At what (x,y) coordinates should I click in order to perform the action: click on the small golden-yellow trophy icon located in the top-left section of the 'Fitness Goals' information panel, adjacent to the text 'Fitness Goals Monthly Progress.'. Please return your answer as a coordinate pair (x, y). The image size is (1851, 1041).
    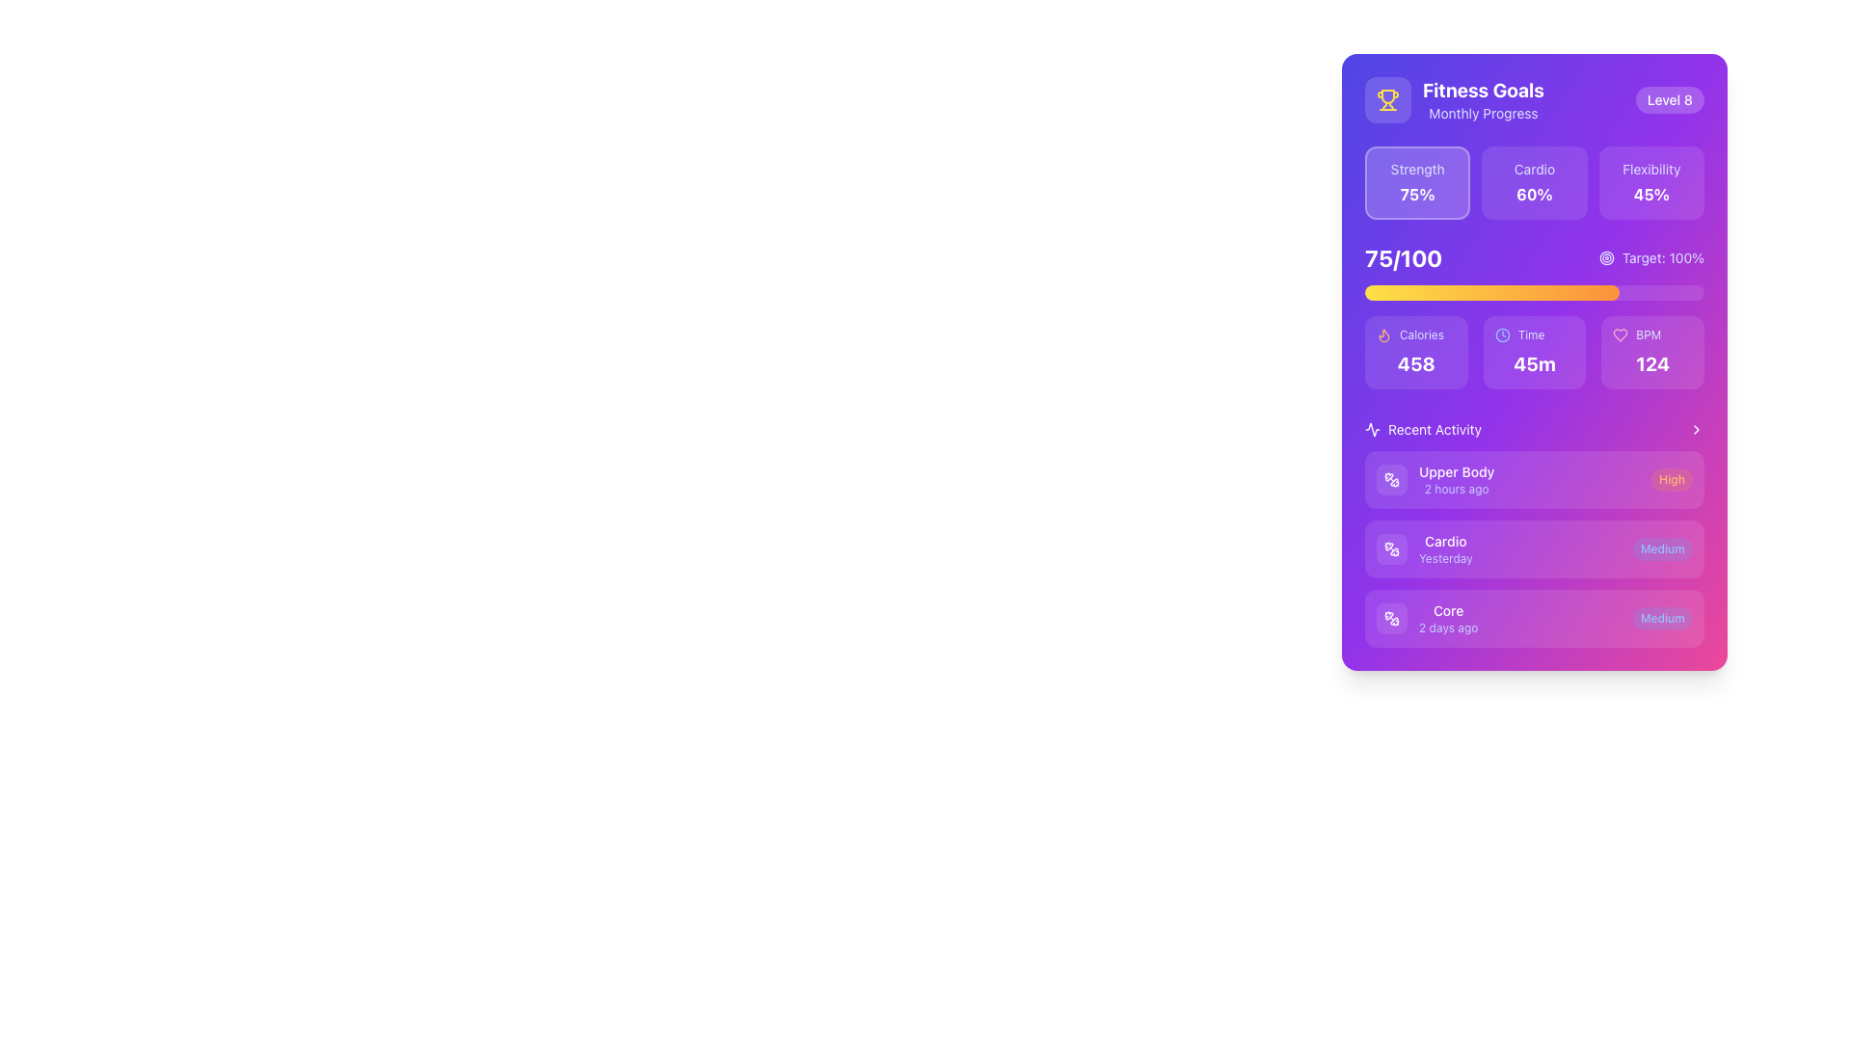
    Looking at the image, I should click on (1388, 100).